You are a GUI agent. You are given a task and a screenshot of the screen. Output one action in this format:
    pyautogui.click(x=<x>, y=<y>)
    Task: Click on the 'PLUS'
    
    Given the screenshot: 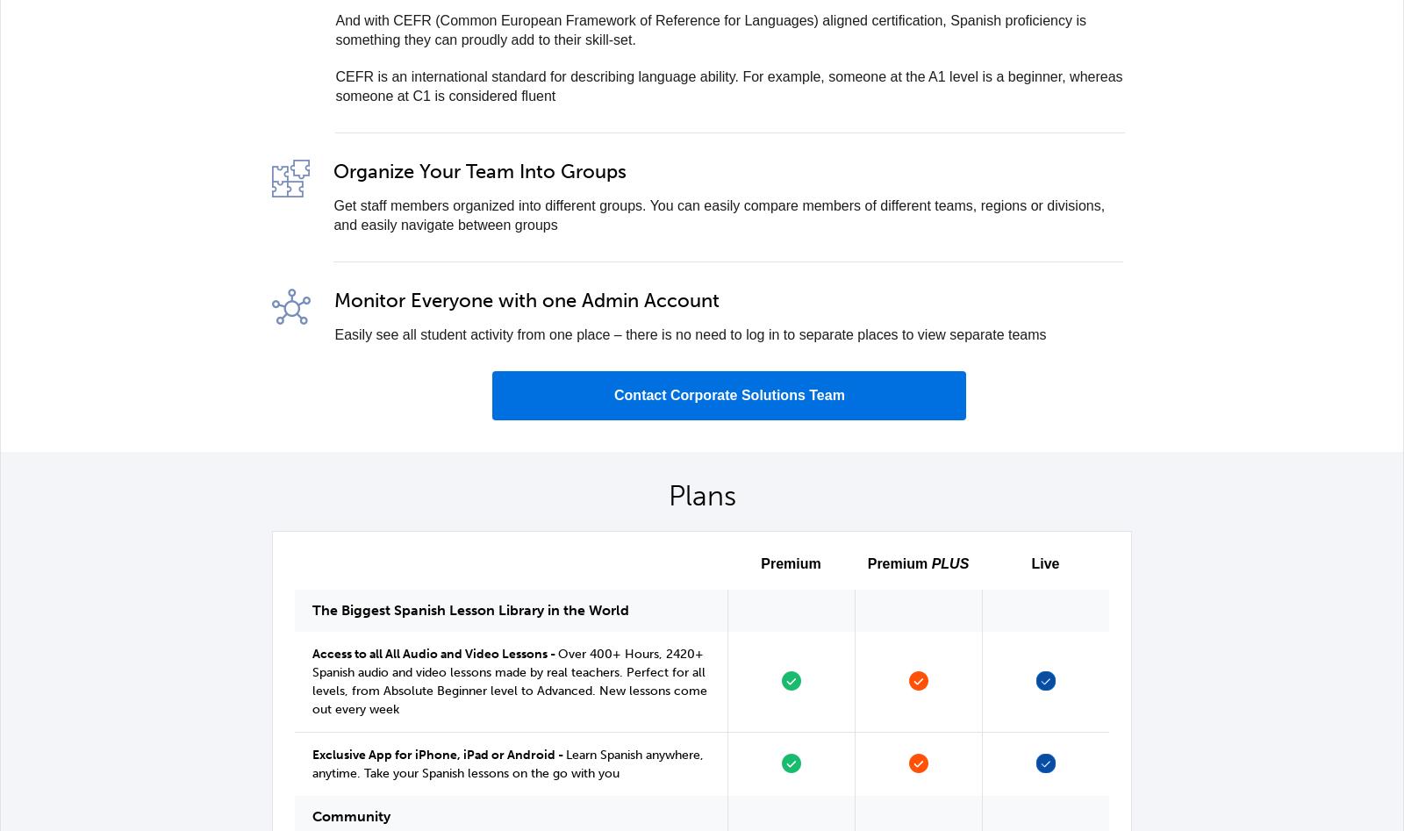 What is the action you would take?
    pyautogui.click(x=949, y=563)
    